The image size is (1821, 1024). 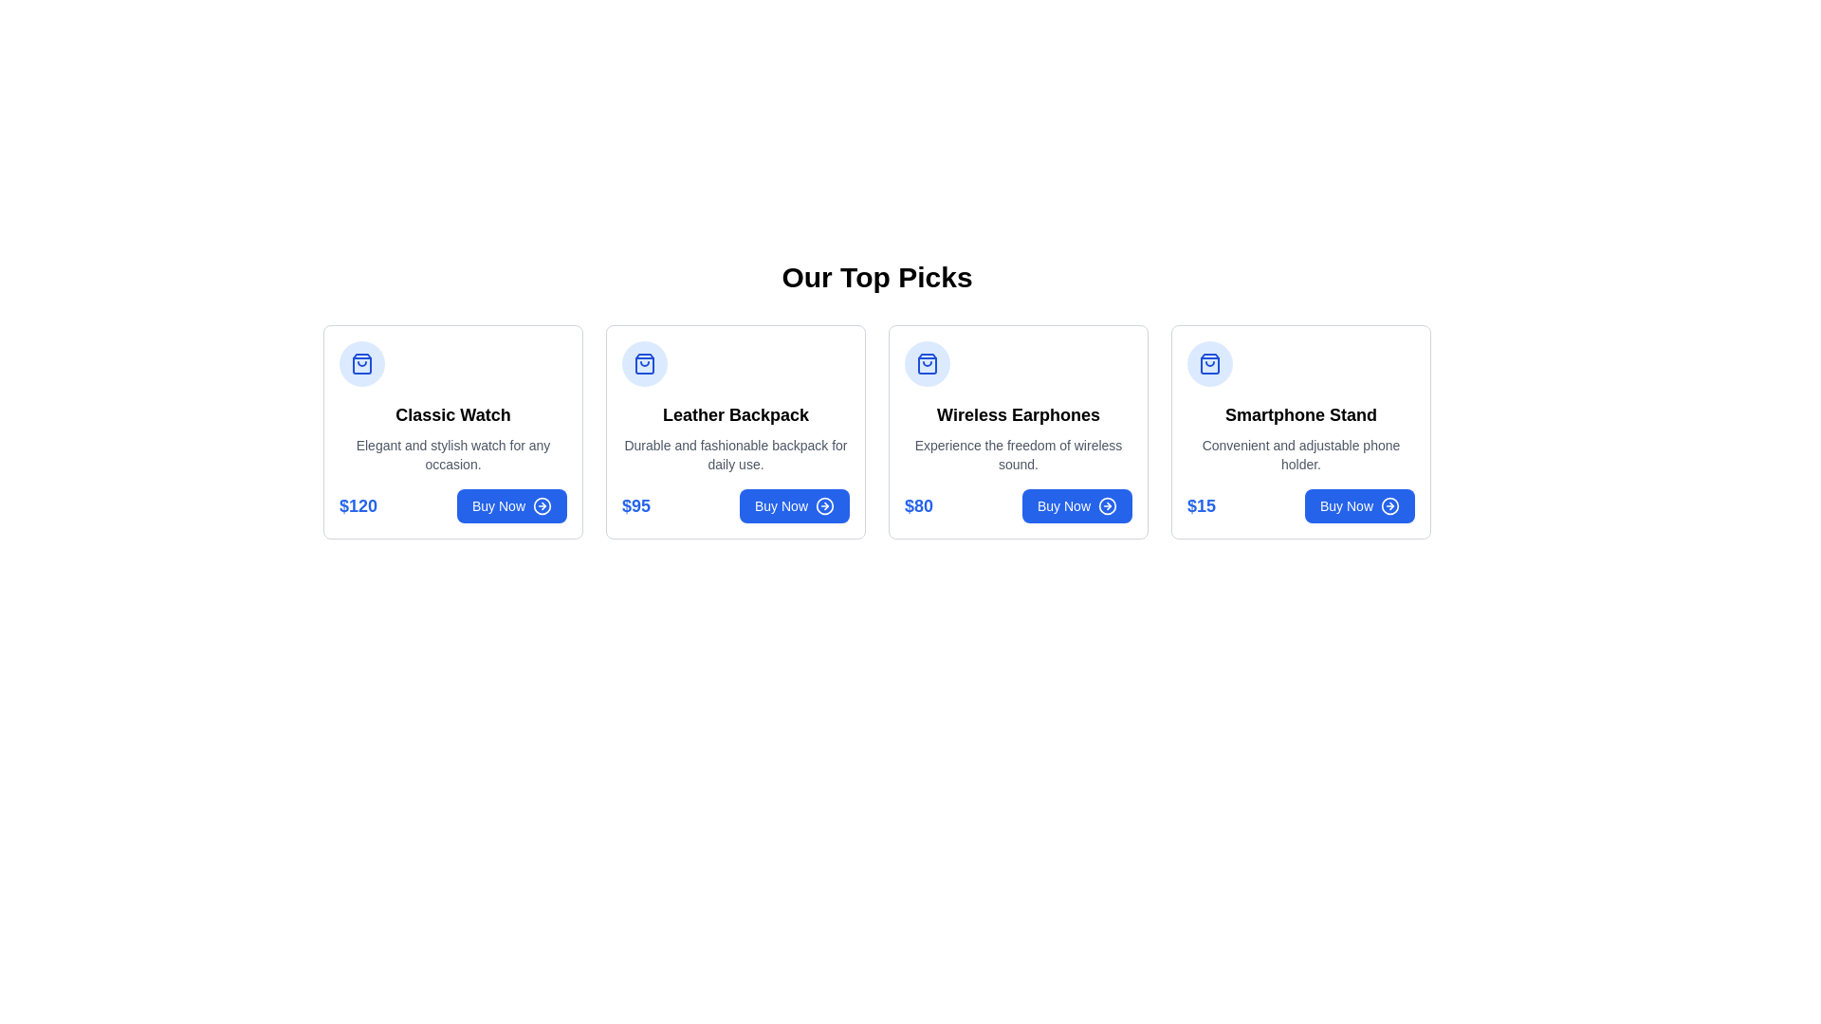 I want to click on the shopping bag icon within a circular blue background located in the upper-left corner of the 'Wireless Earphones' card, so click(x=928, y=364).